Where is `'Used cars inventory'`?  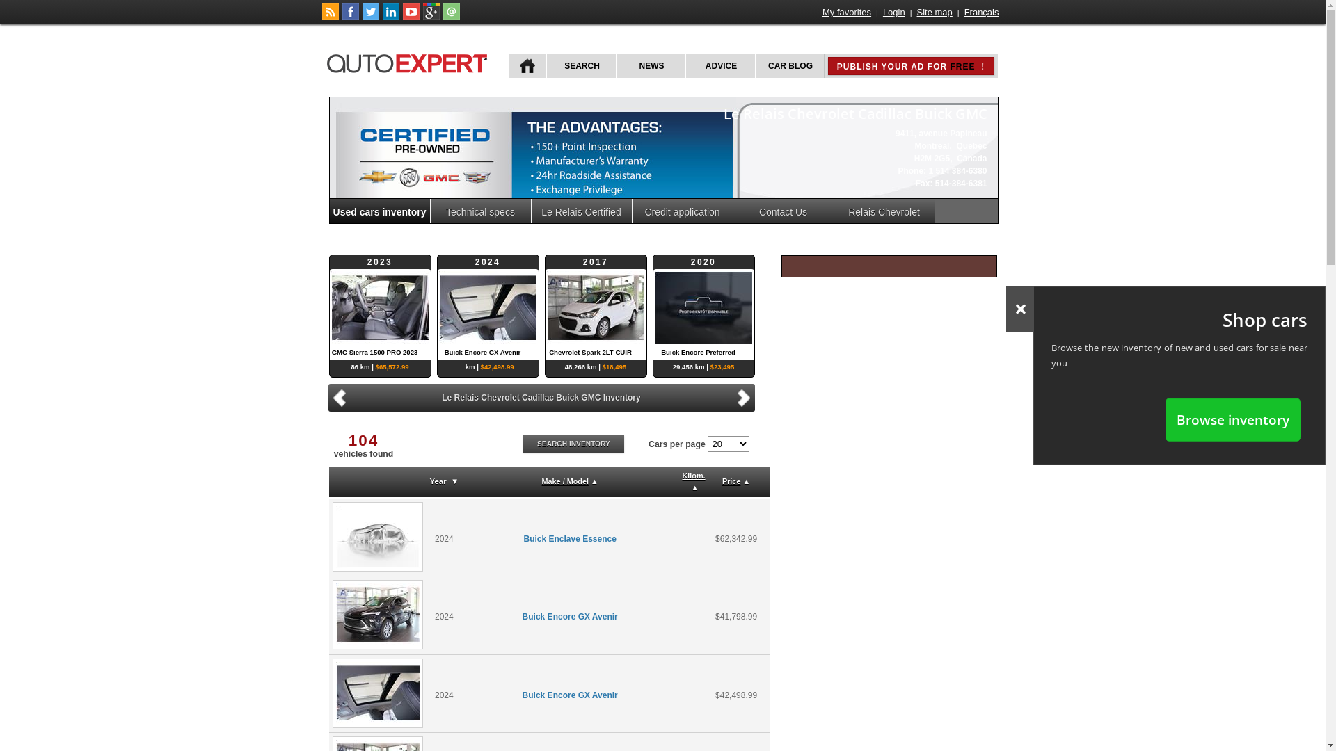 'Used cars inventory' is located at coordinates (380, 211).